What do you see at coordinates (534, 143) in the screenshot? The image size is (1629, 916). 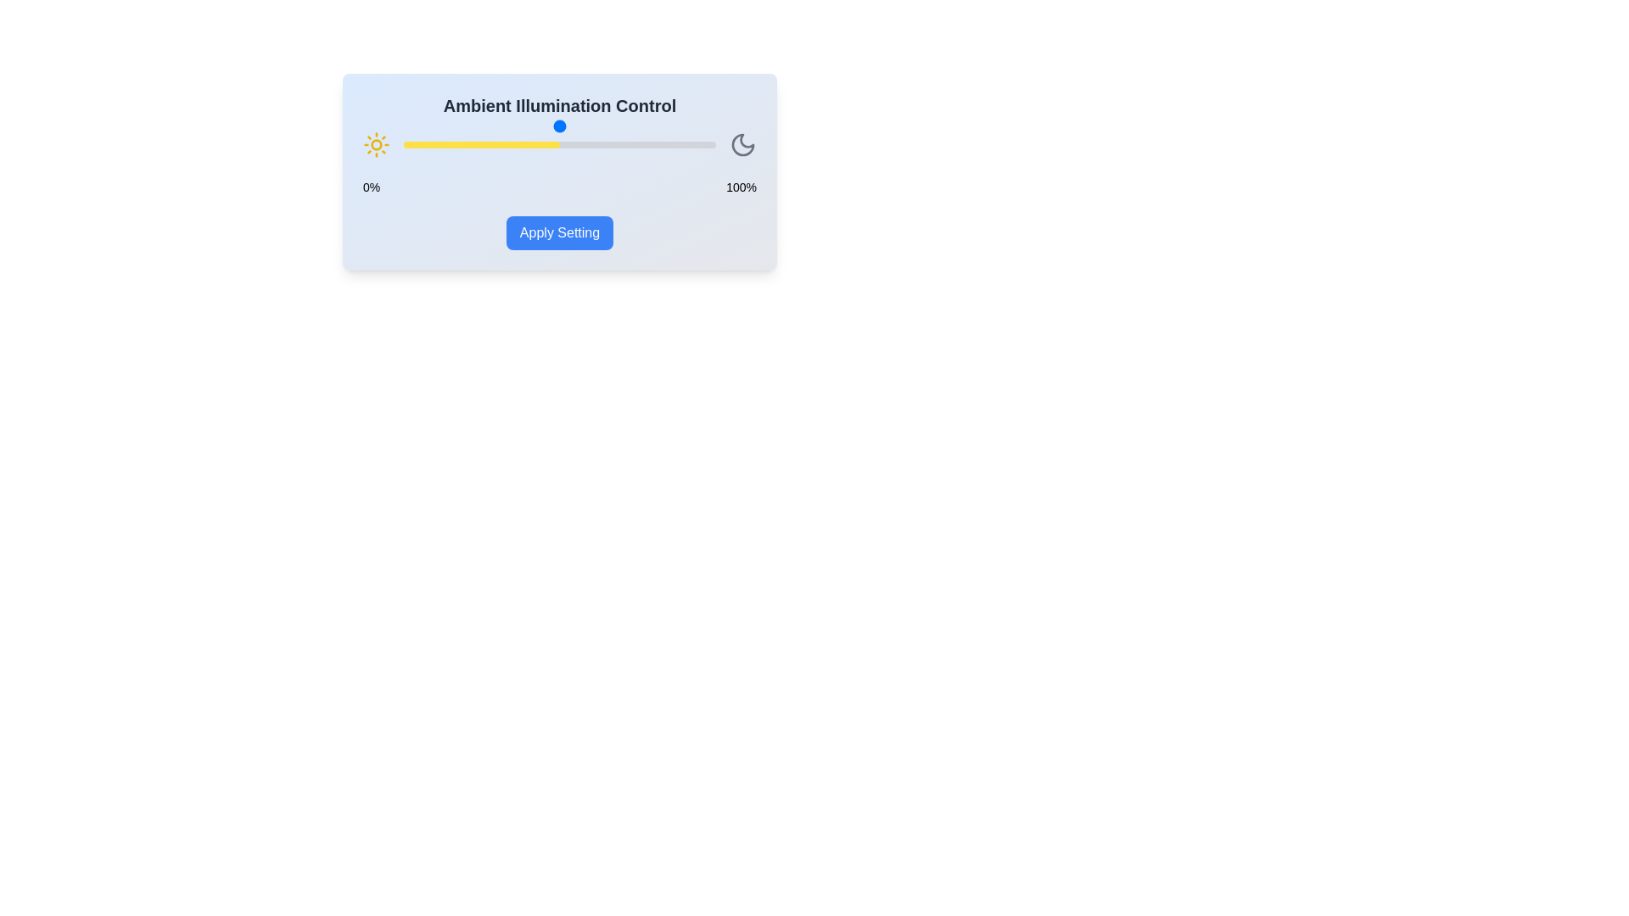 I see `the illumination slider to 42%` at bounding box center [534, 143].